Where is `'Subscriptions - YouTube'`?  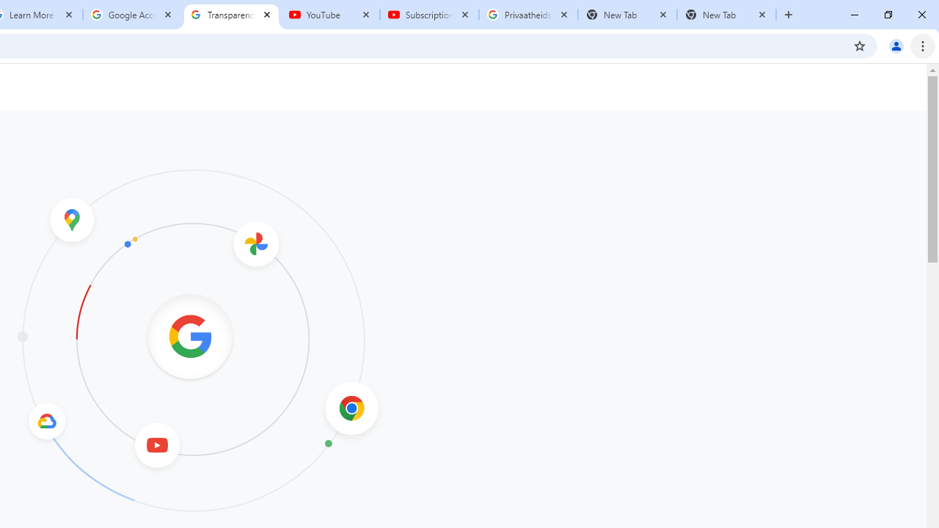
'Subscriptions - YouTube' is located at coordinates (428, 15).